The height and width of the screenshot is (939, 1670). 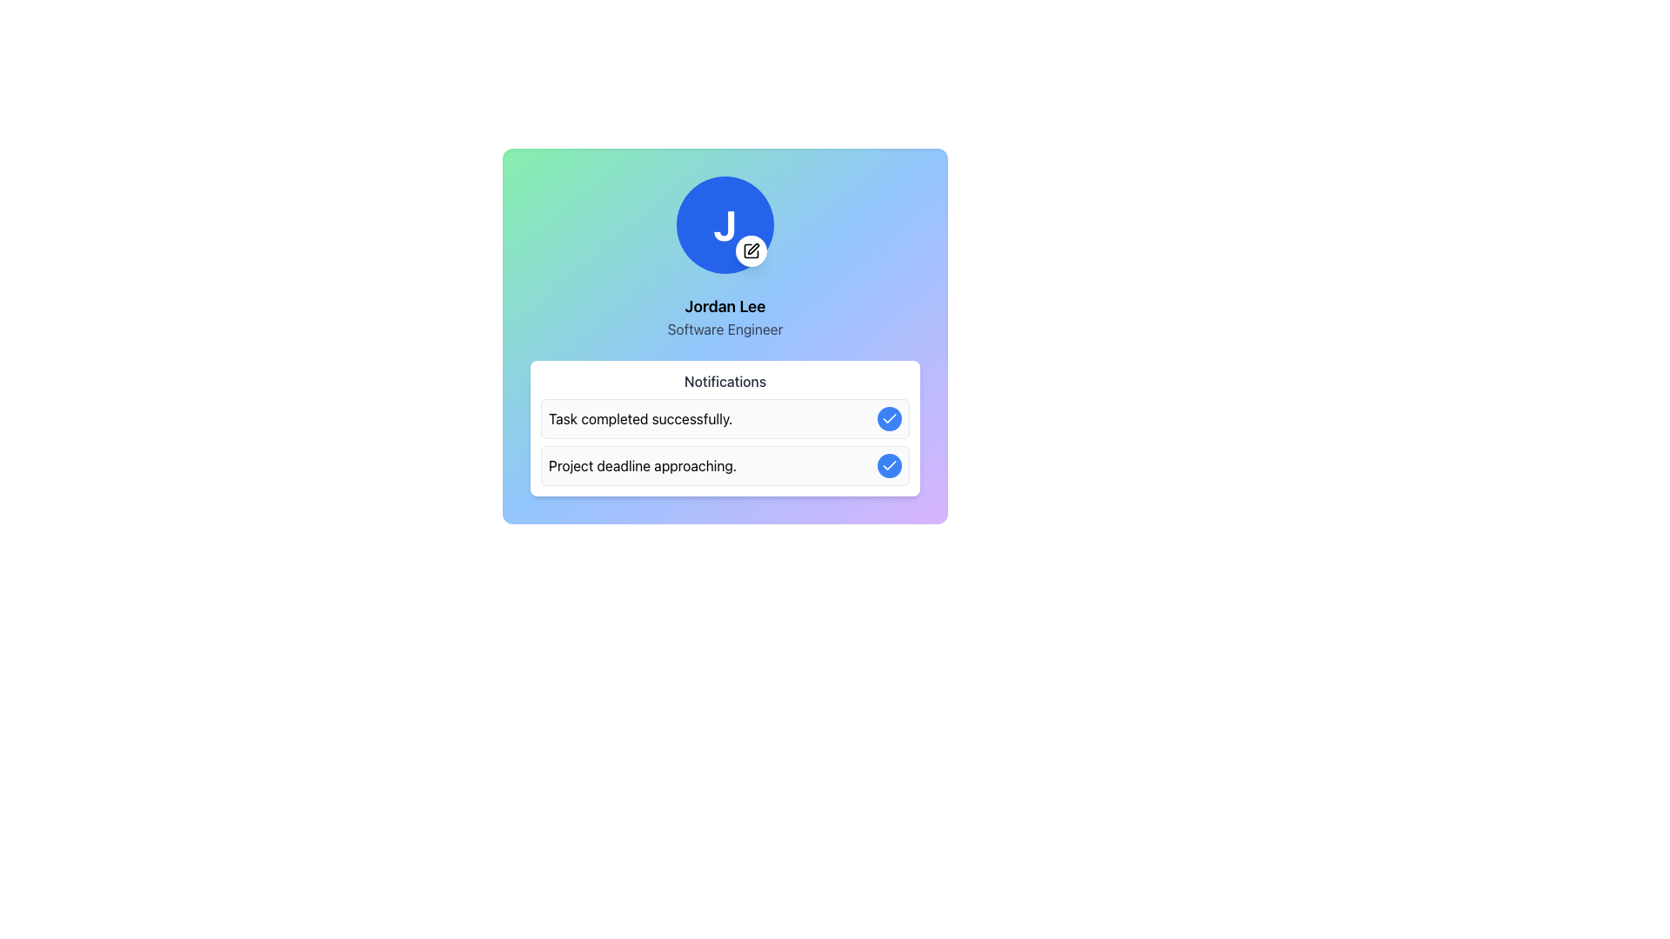 I want to click on the text element displaying 'Software Engineer' from its current position, so click(x=725, y=329).